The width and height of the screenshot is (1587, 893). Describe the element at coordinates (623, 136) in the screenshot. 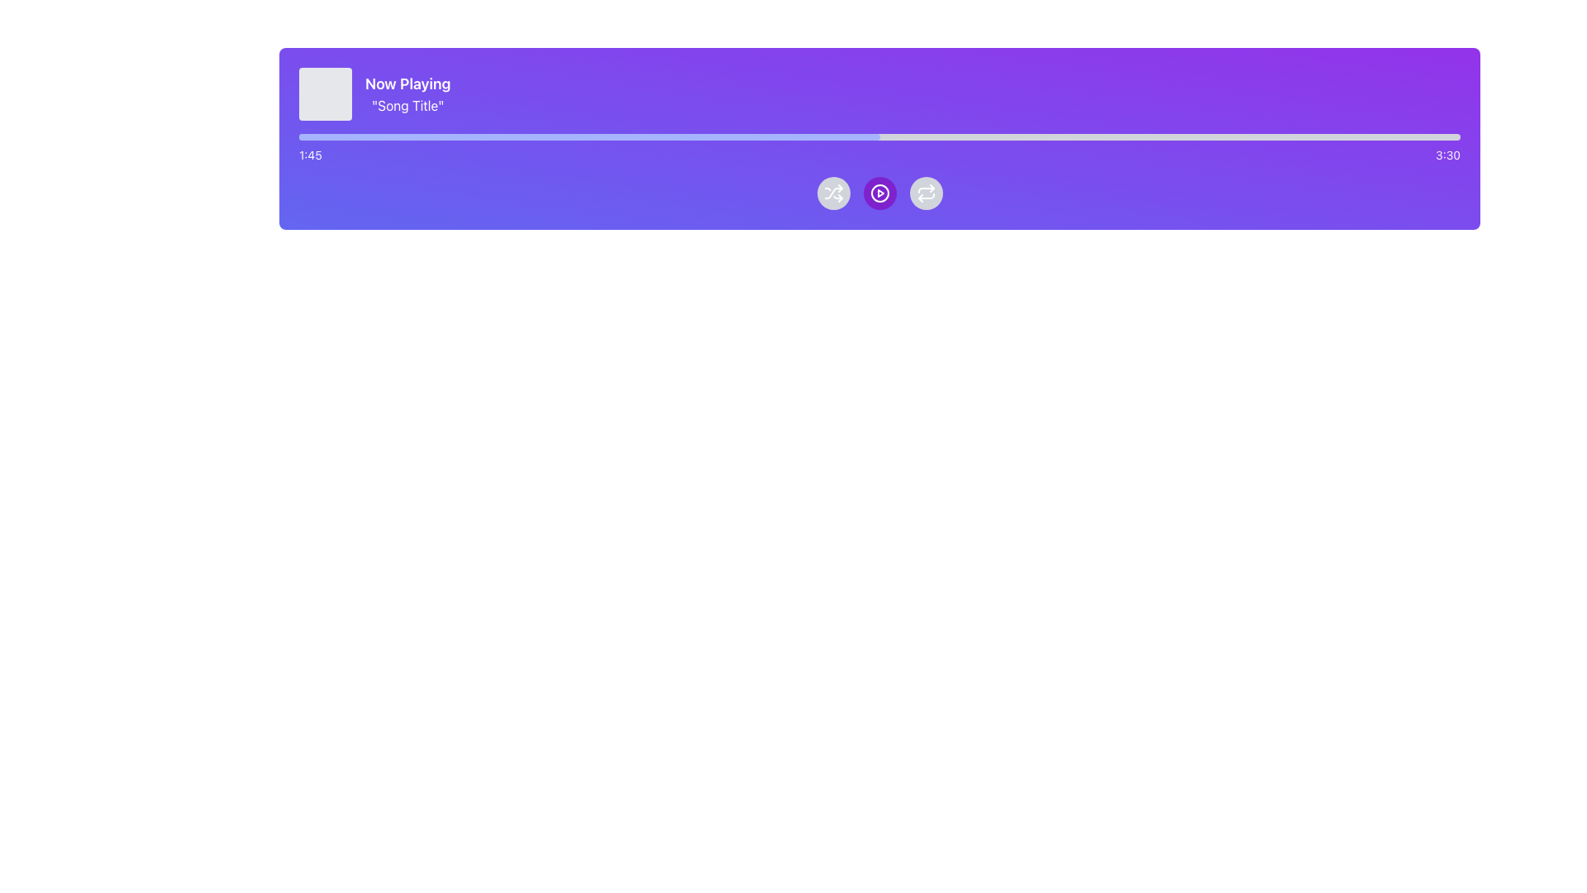

I see `playback progress` at that location.